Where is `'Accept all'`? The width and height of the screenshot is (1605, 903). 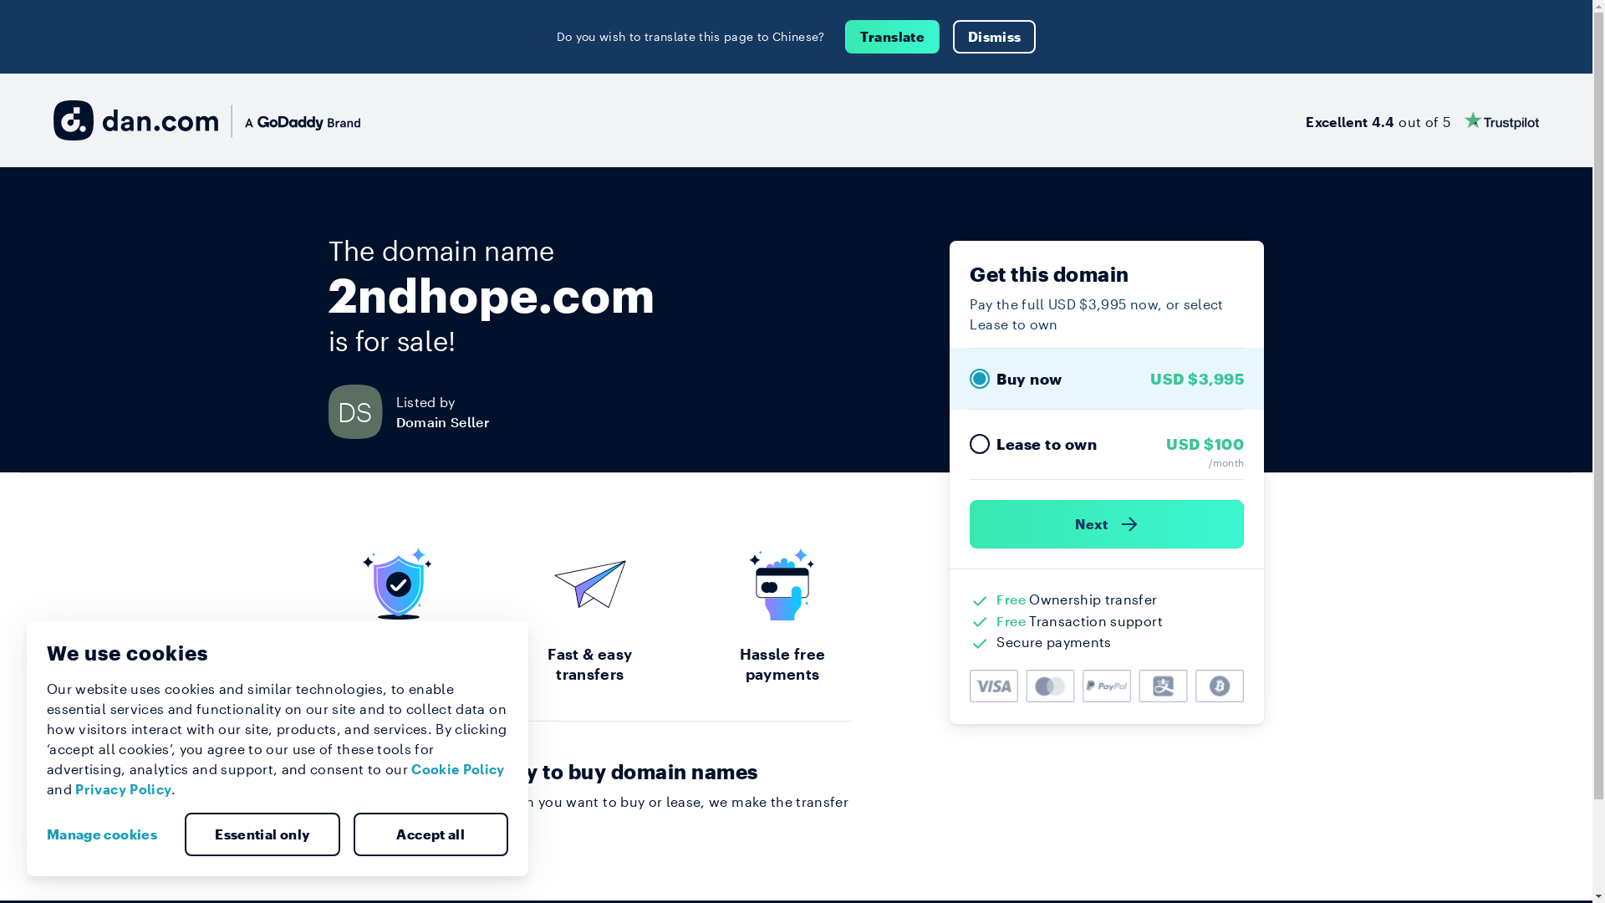 'Accept all' is located at coordinates (352, 834).